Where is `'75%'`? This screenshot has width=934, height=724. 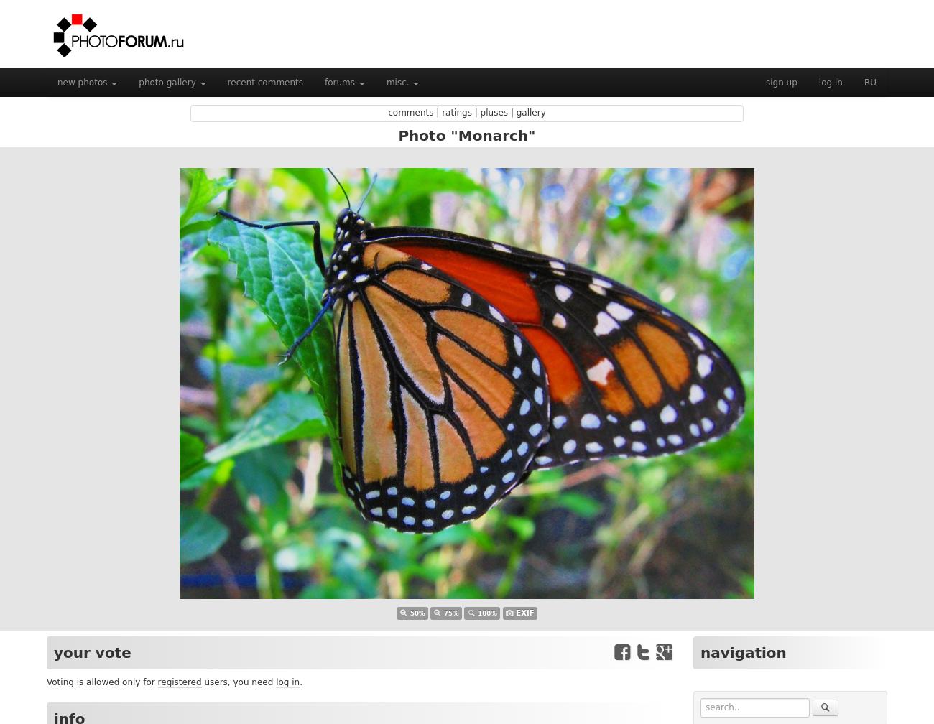
'75%' is located at coordinates (451, 613).